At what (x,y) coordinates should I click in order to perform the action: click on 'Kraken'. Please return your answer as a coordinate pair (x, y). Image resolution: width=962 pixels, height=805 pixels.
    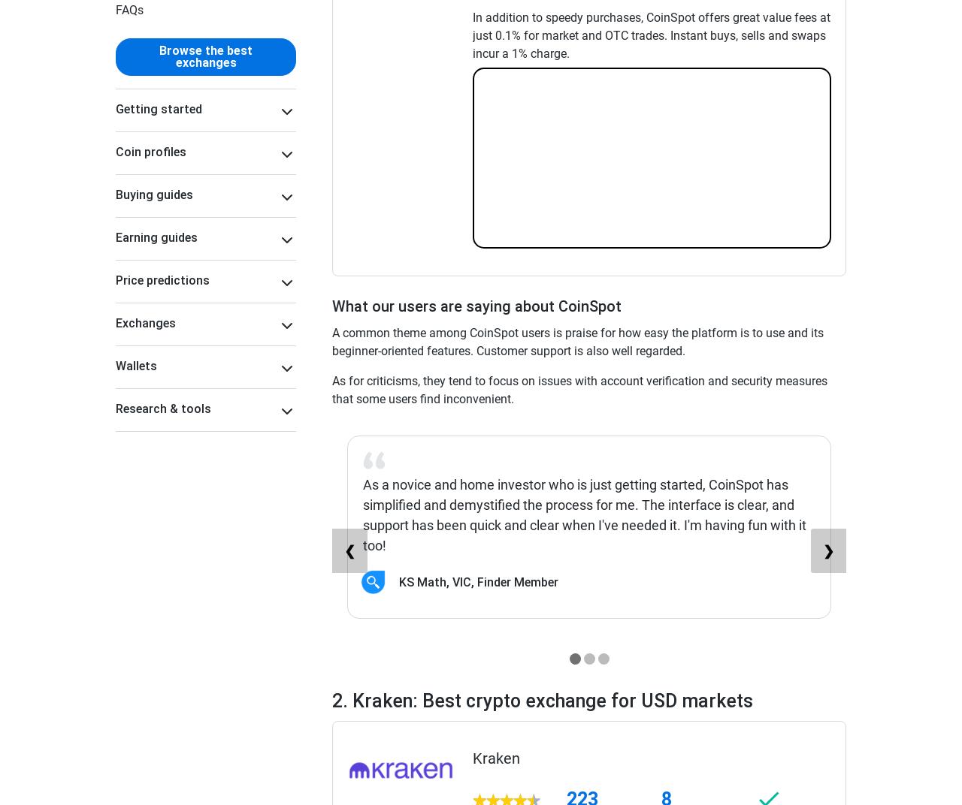
    Looking at the image, I should click on (496, 758).